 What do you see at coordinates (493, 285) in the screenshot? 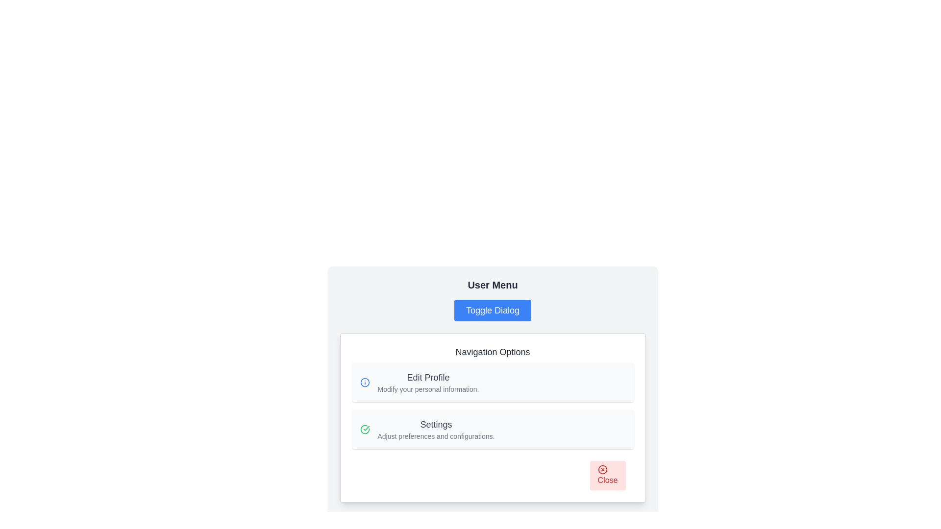
I see `text content of the 'User Menu' title label located at the top center of the dialog box, above the 'Toggle Dialog' button` at bounding box center [493, 285].